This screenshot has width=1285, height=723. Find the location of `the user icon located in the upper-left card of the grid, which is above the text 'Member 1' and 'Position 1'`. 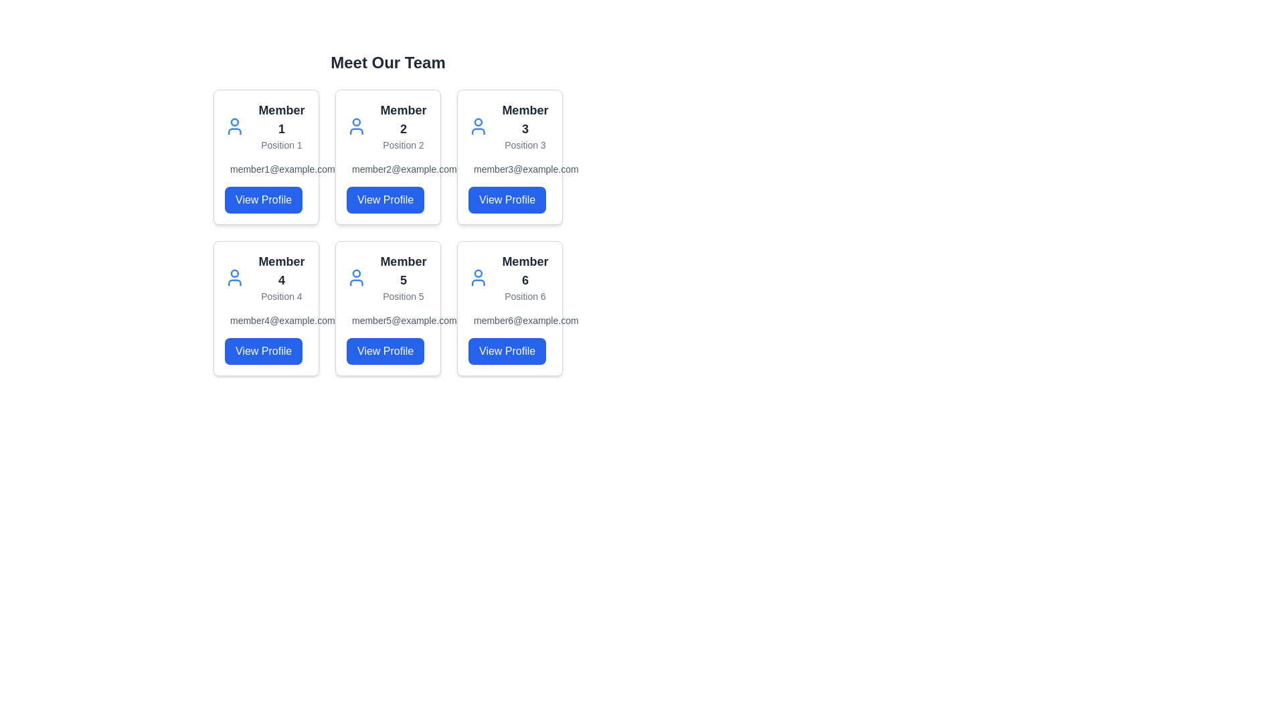

the user icon located in the upper-left card of the grid, which is above the text 'Member 1' and 'Position 1' is located at coordinates (234, 127).